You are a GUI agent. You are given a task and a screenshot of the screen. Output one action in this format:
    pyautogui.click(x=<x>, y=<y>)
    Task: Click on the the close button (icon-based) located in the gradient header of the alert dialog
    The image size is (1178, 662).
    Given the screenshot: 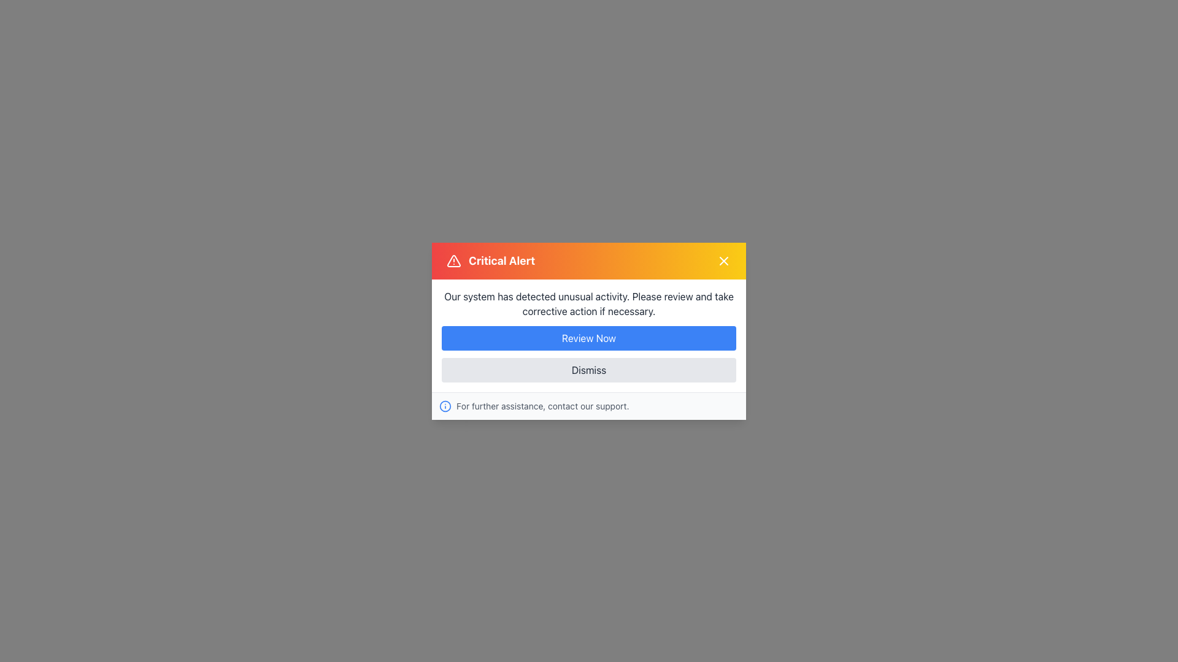 What is the action you would take?
    pyautogui.click(x=724, y=259)
    